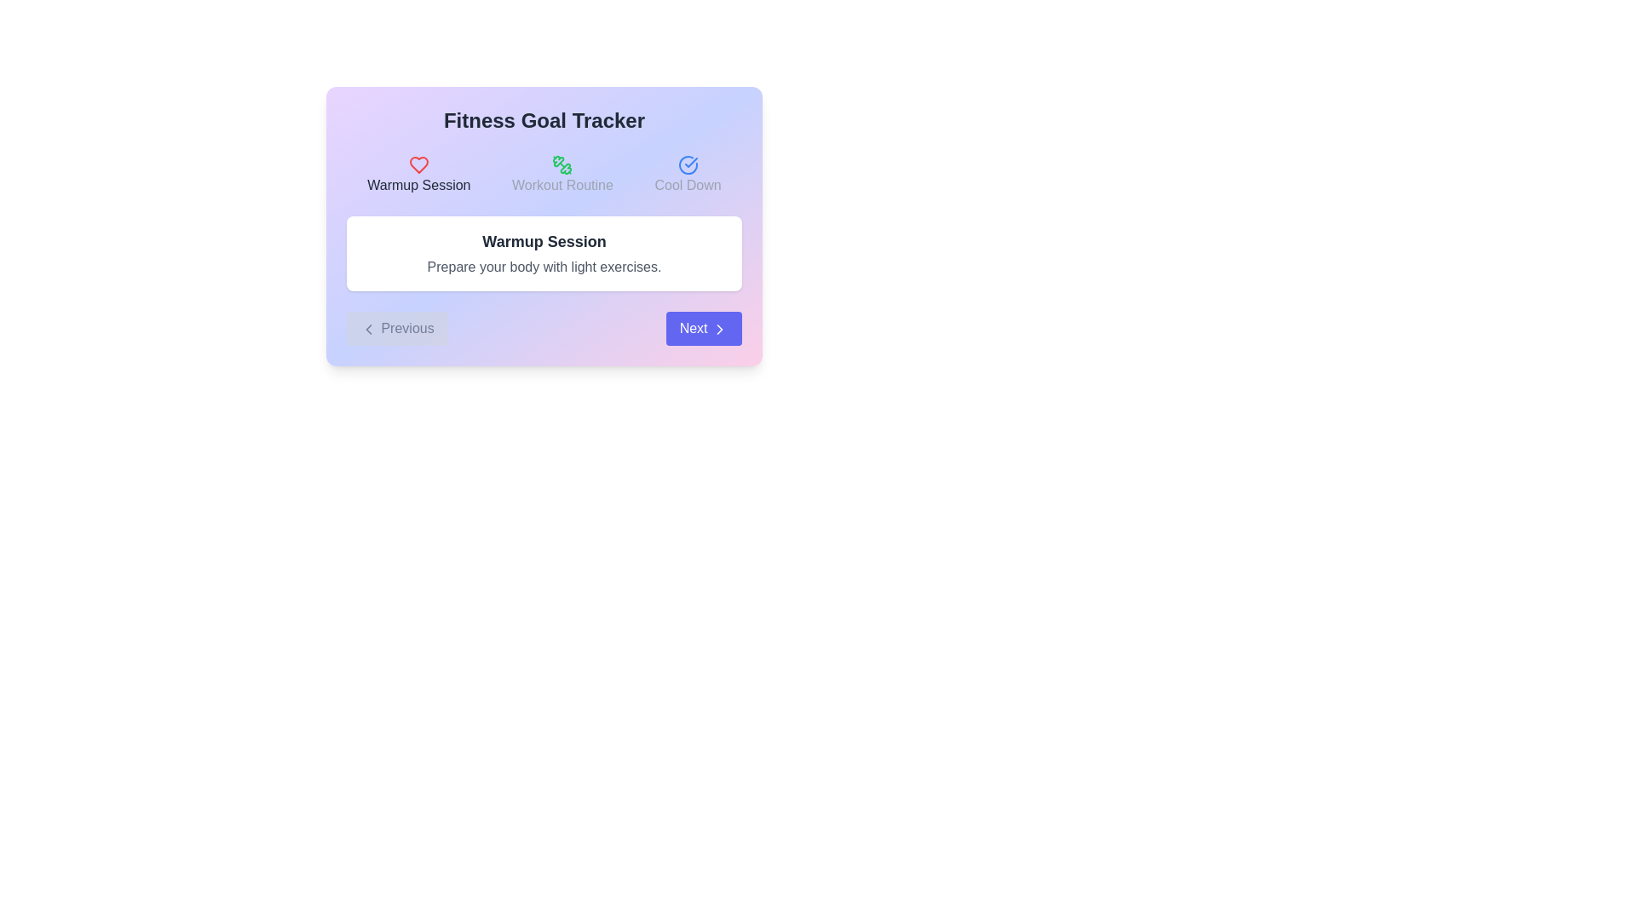 The image size is (1636, 920). I want to click on the 'Workout Routine' icon, which is the second icon in a horizontal sequence of three icons, located in the middle section of the interface, so click(562, 164).